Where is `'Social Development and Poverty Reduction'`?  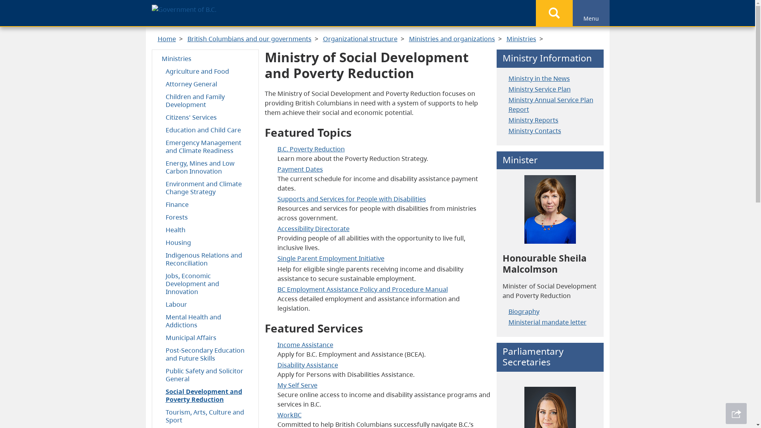 'Social Development and Poverty Reduction' is located at coordinates (205, 395).